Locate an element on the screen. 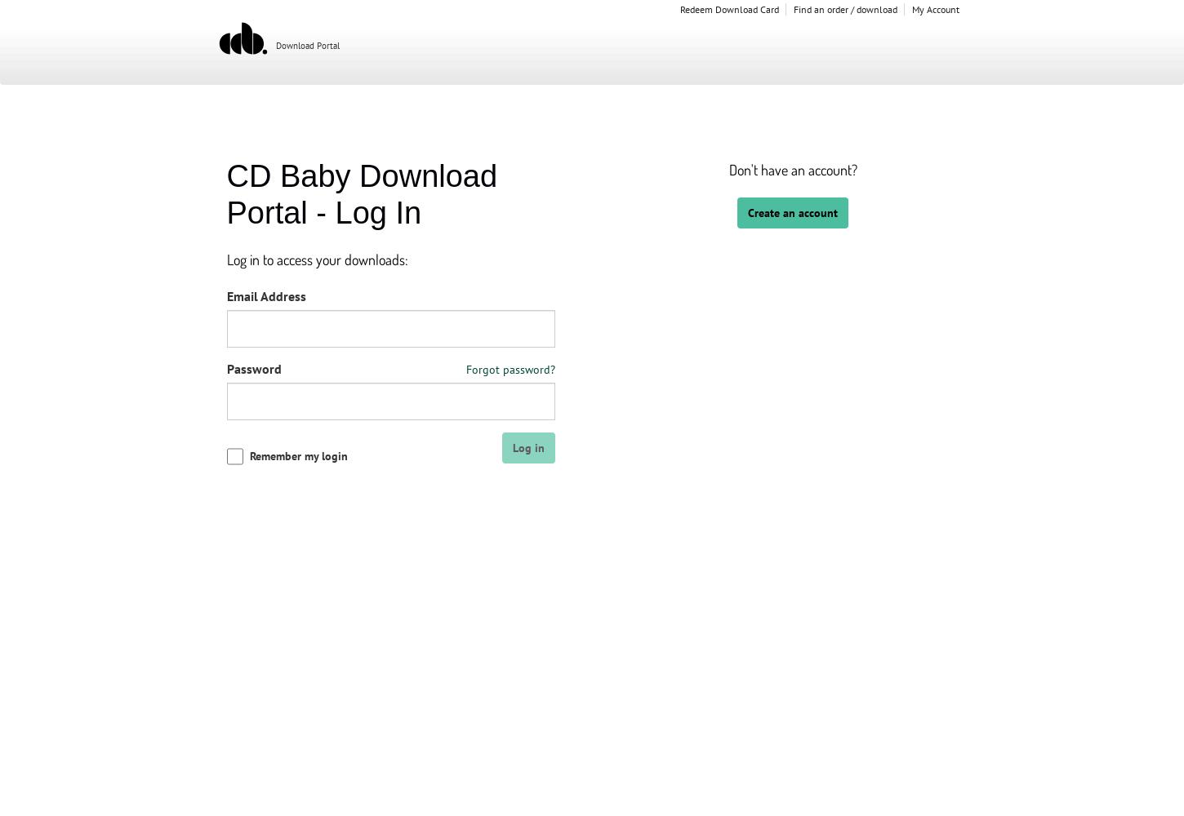 This screenshot has width=1184, height=816. 'Don't have an account?' is located at coordinates (792, 169).